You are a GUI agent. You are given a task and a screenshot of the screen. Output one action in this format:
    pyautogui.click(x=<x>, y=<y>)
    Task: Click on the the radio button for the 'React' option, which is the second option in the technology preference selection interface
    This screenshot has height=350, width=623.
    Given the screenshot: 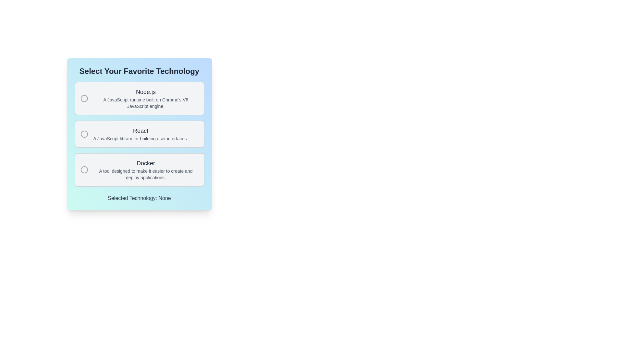 What is the action you would take?
    pyautogui.click(x=84, y=134)
    